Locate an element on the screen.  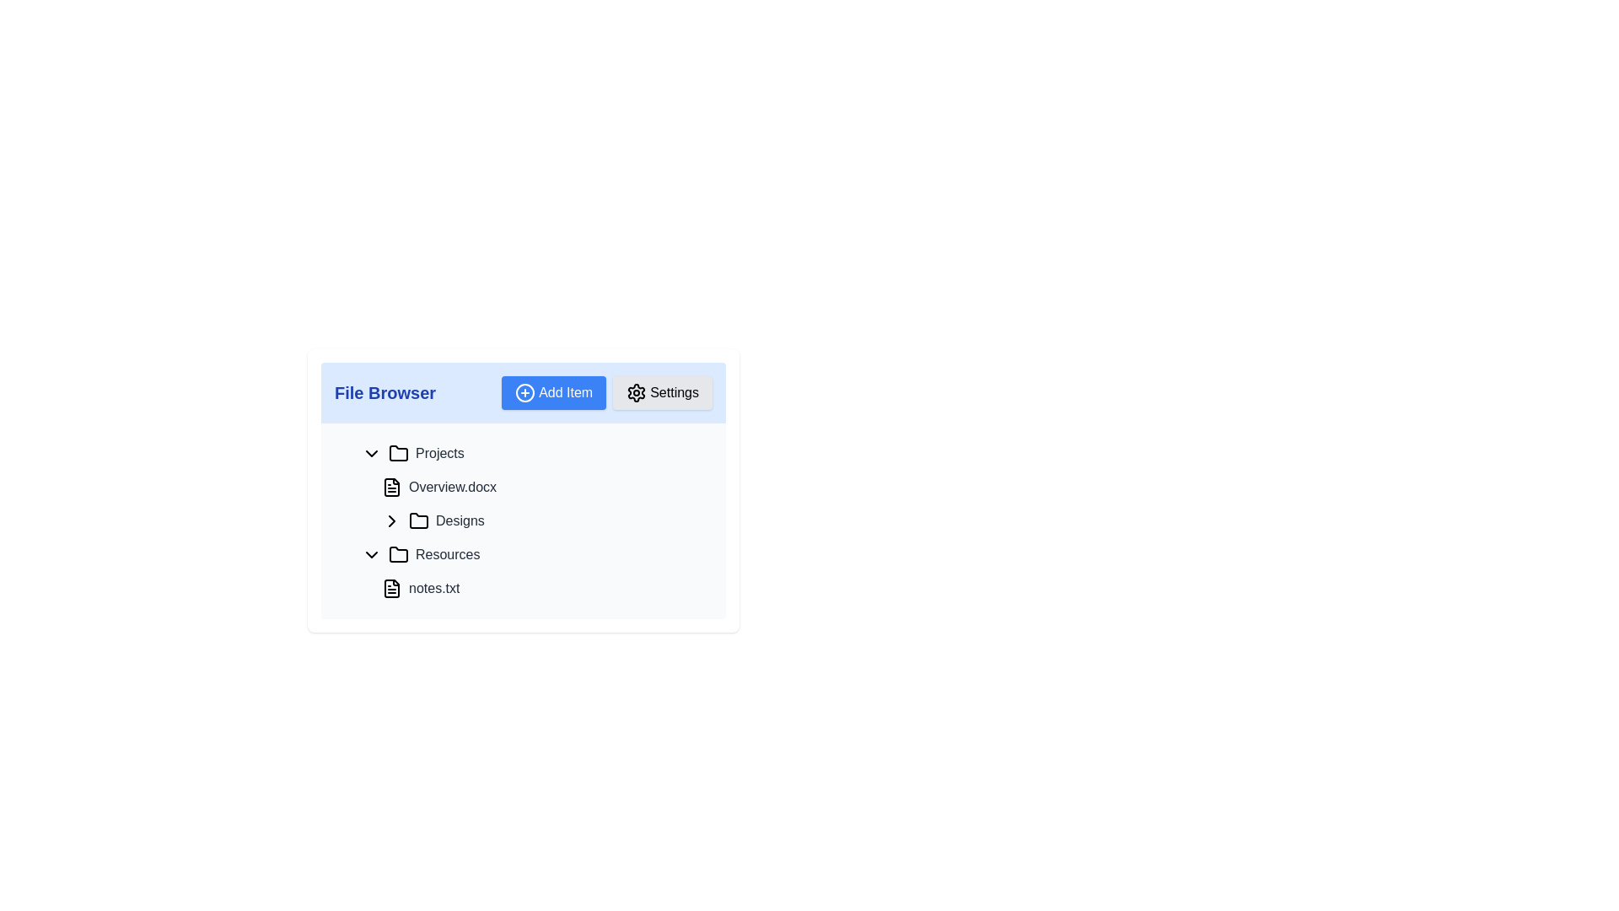
the file icon representing the document named 'Overview.docx' is located at coordinates (391, 488).